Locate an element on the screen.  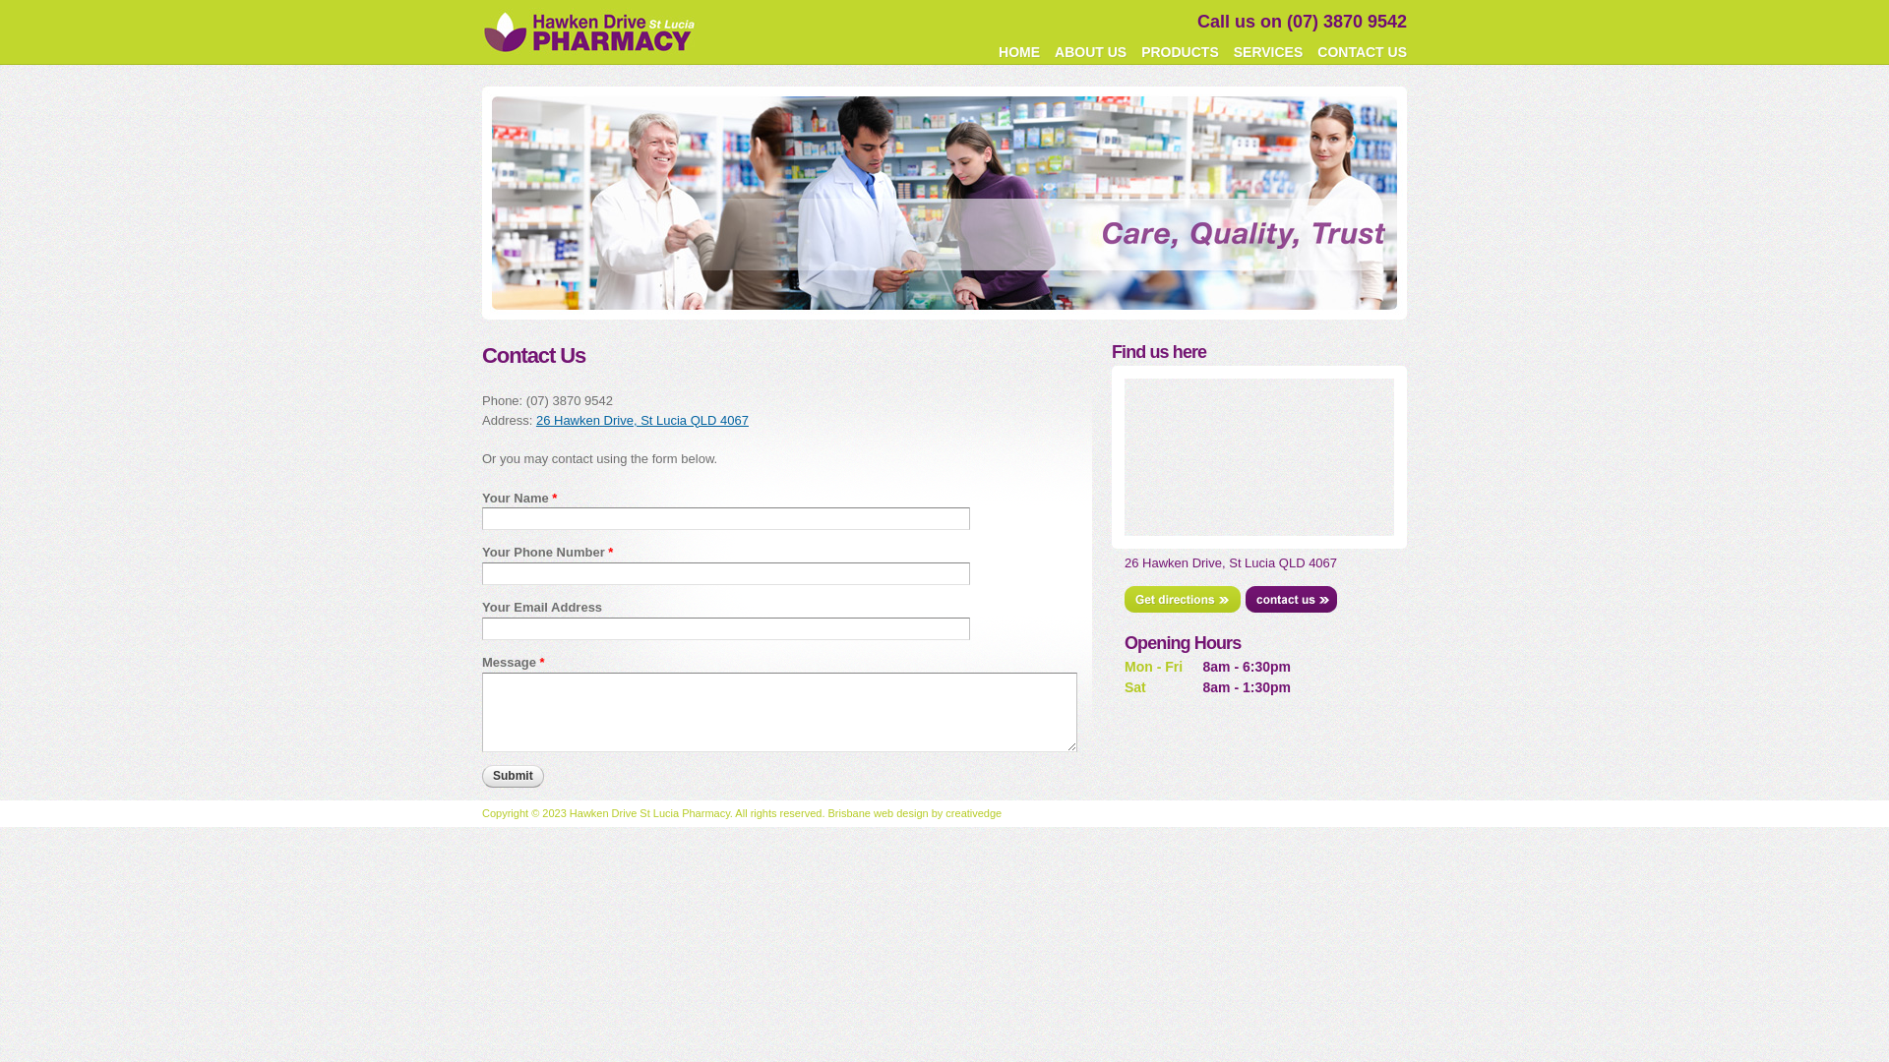
'Submit' is located at coordinates (513, 775).